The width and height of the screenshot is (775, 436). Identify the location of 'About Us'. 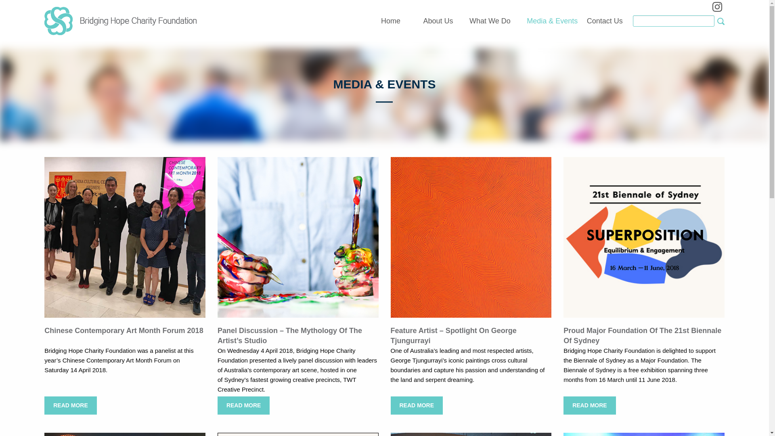
(438, 21).